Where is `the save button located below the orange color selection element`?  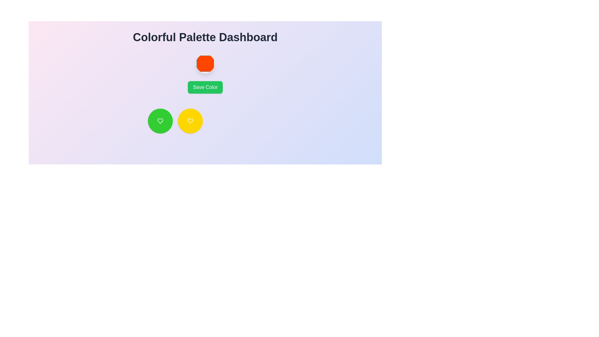 the save button located below the orange color selection element is located at coordinates (205, 87).